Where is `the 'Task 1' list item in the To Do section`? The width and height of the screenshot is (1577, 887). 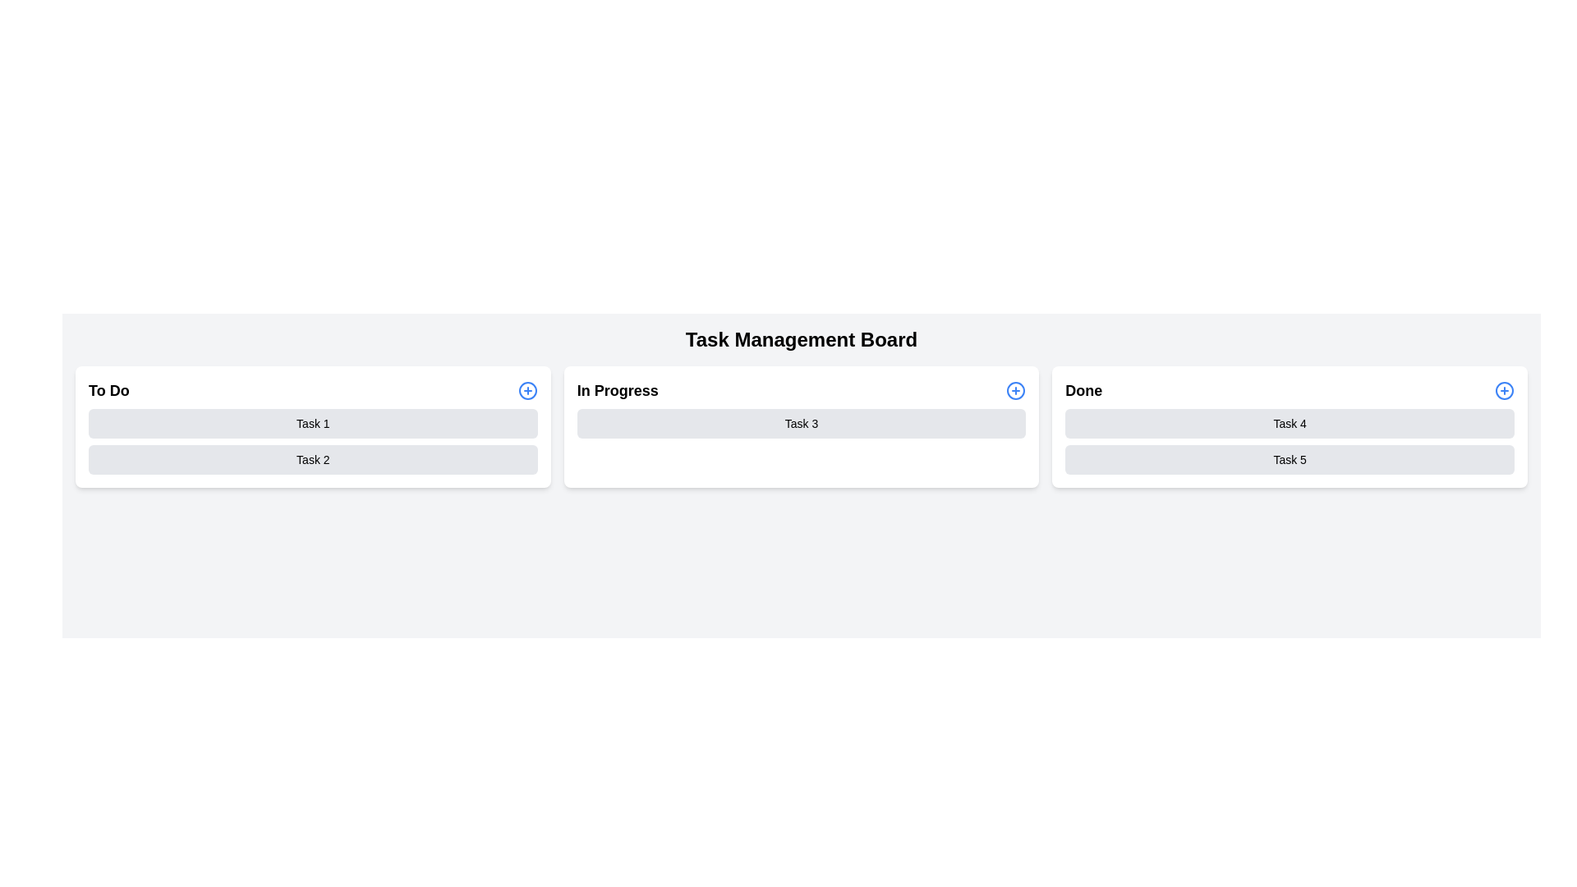 the 'Task 1' list item in the To Do section is located at coordinates (313, 423).